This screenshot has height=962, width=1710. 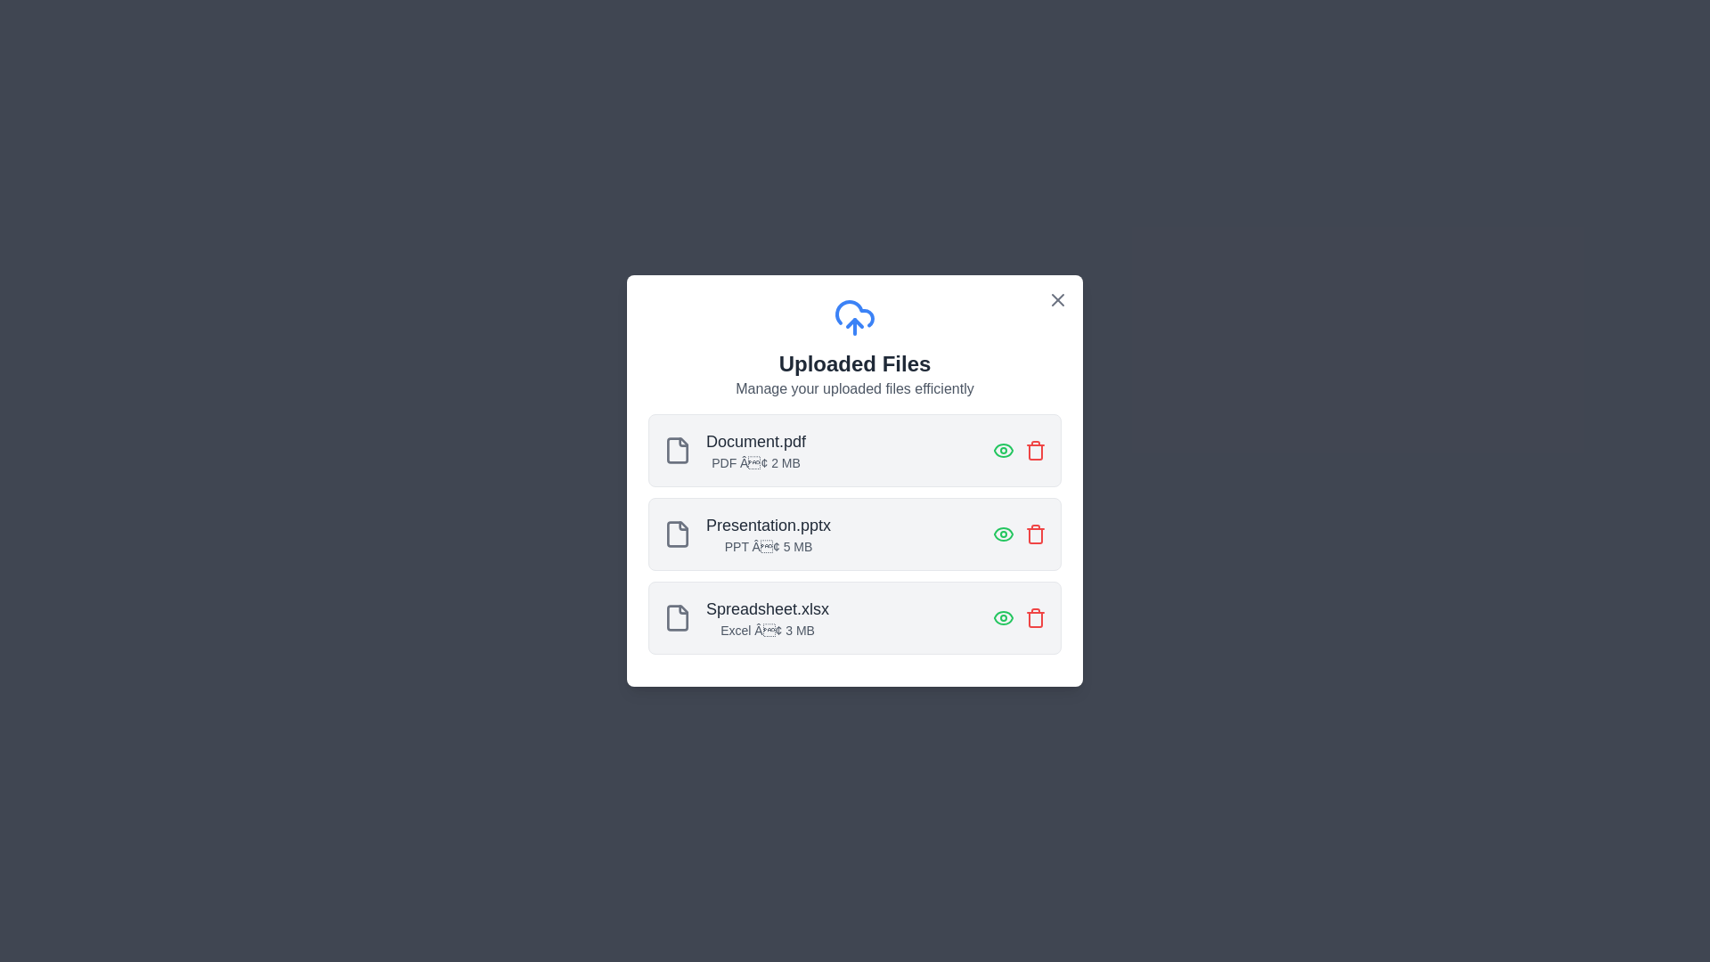 I want to click on the green eye icon located in the UI group of icons, which indicates a preview or view functionality, positioned as the left icon in the group, so click(x=1020, y=617).